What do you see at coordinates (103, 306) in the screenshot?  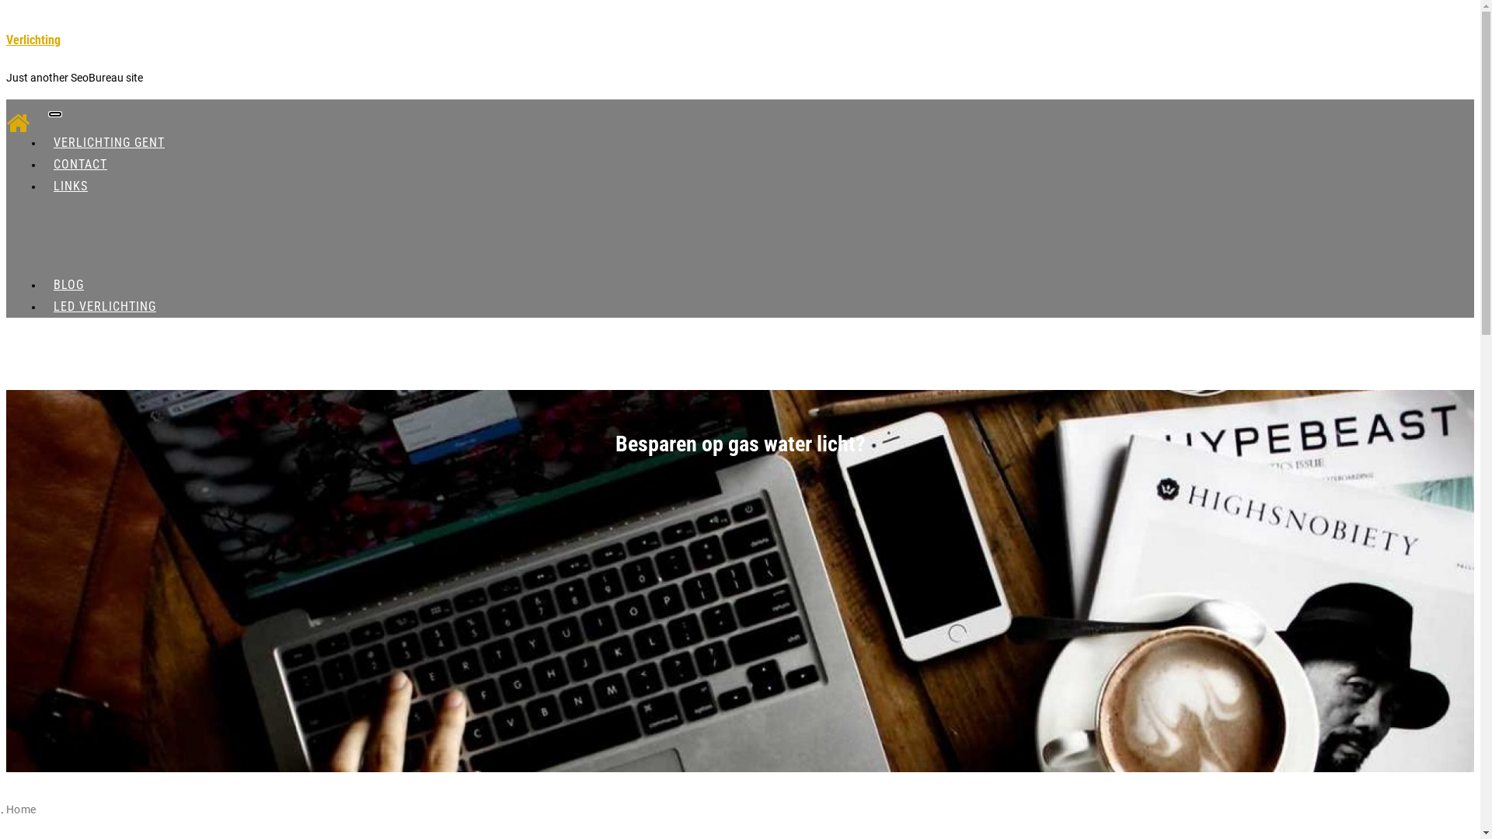 I see `'LED VERLICHTING'` at bounding box center [103, 306].